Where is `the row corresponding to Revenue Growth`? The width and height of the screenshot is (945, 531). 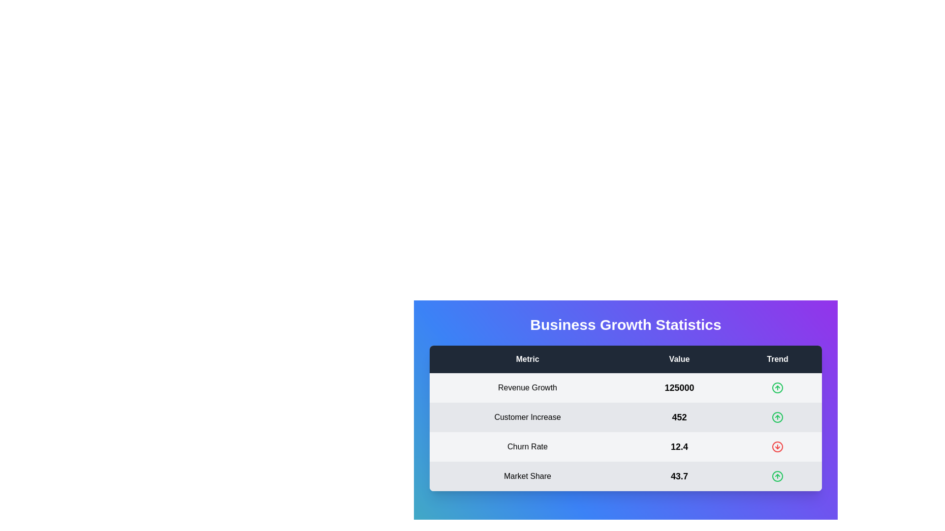
the row corresponding to Revenue Growth is located at coordinates (625, 387).